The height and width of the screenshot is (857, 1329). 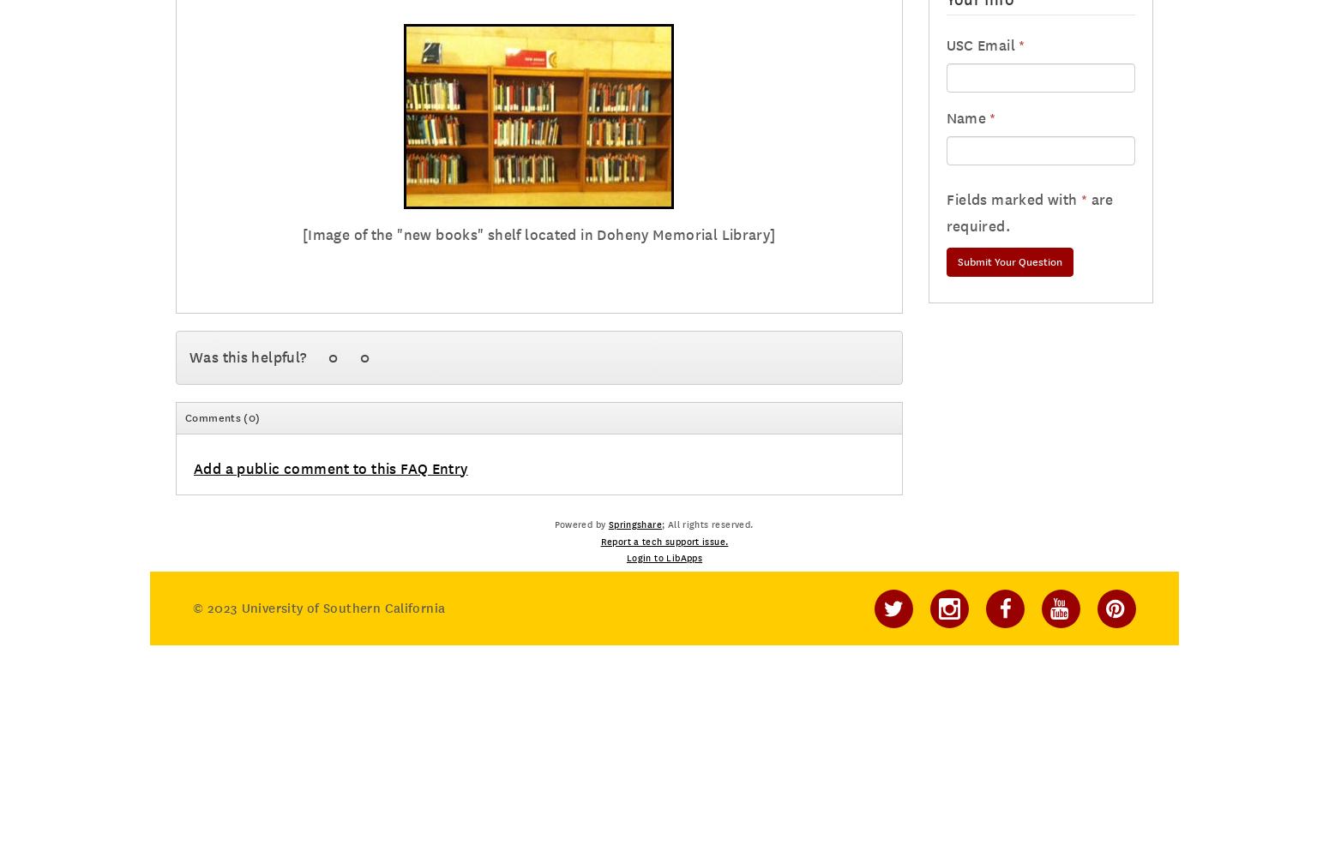 I want to click on '; All rights reserved.', so click(x=707, y=524).